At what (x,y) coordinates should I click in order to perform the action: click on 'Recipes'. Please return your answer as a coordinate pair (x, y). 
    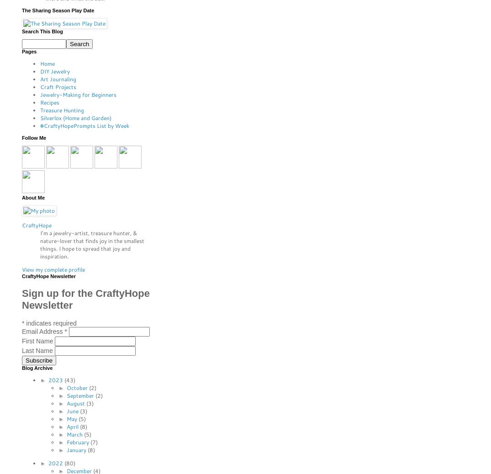
    Looking at the image, I should click on (49, 102).